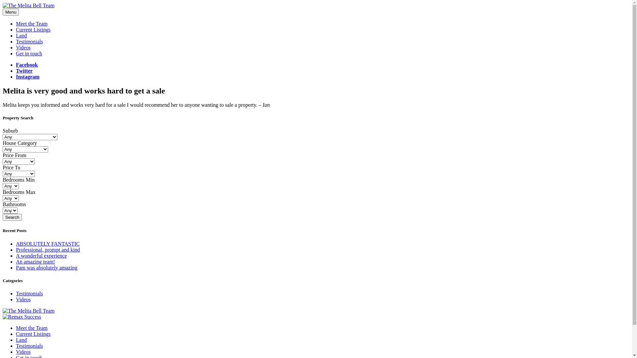  I want to click on 'Meet the Team', so click(31, 328).